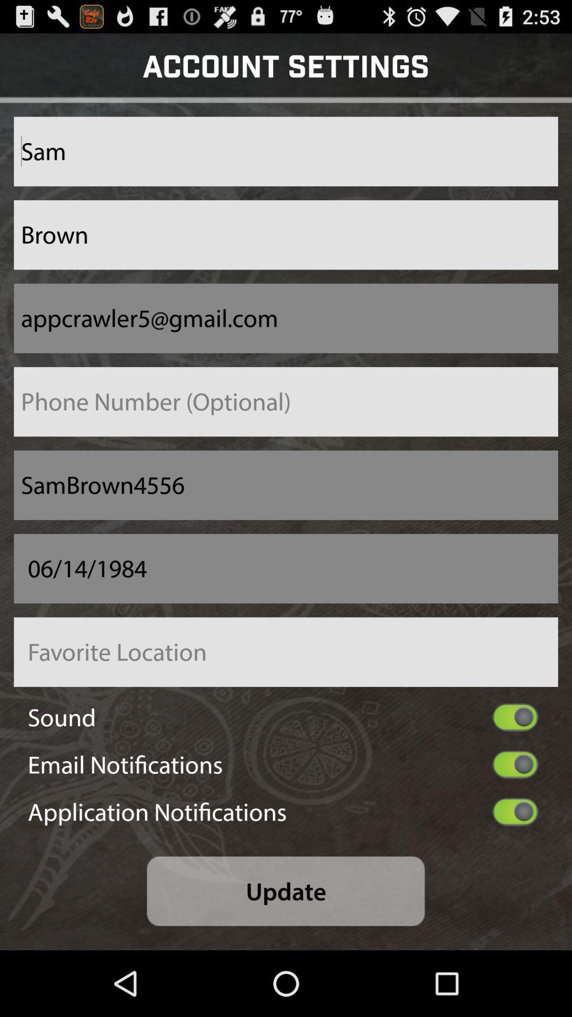 The width and height of the screenshot is (572, 1017). I want to click on enter phone number, so click(286, 401).